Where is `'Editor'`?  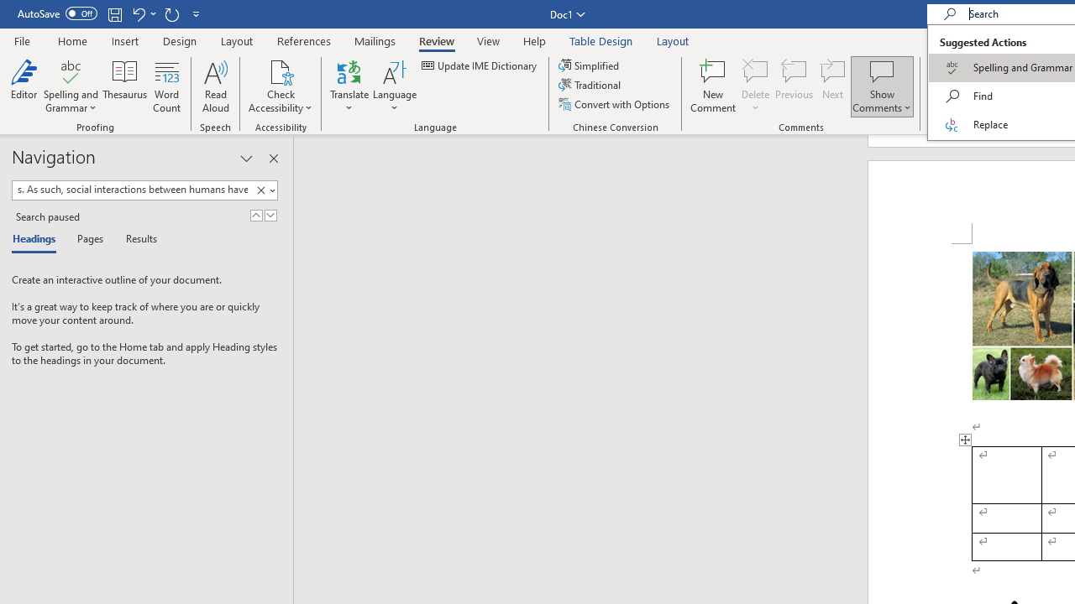 'Editor' is located at coordinates (24, 86).